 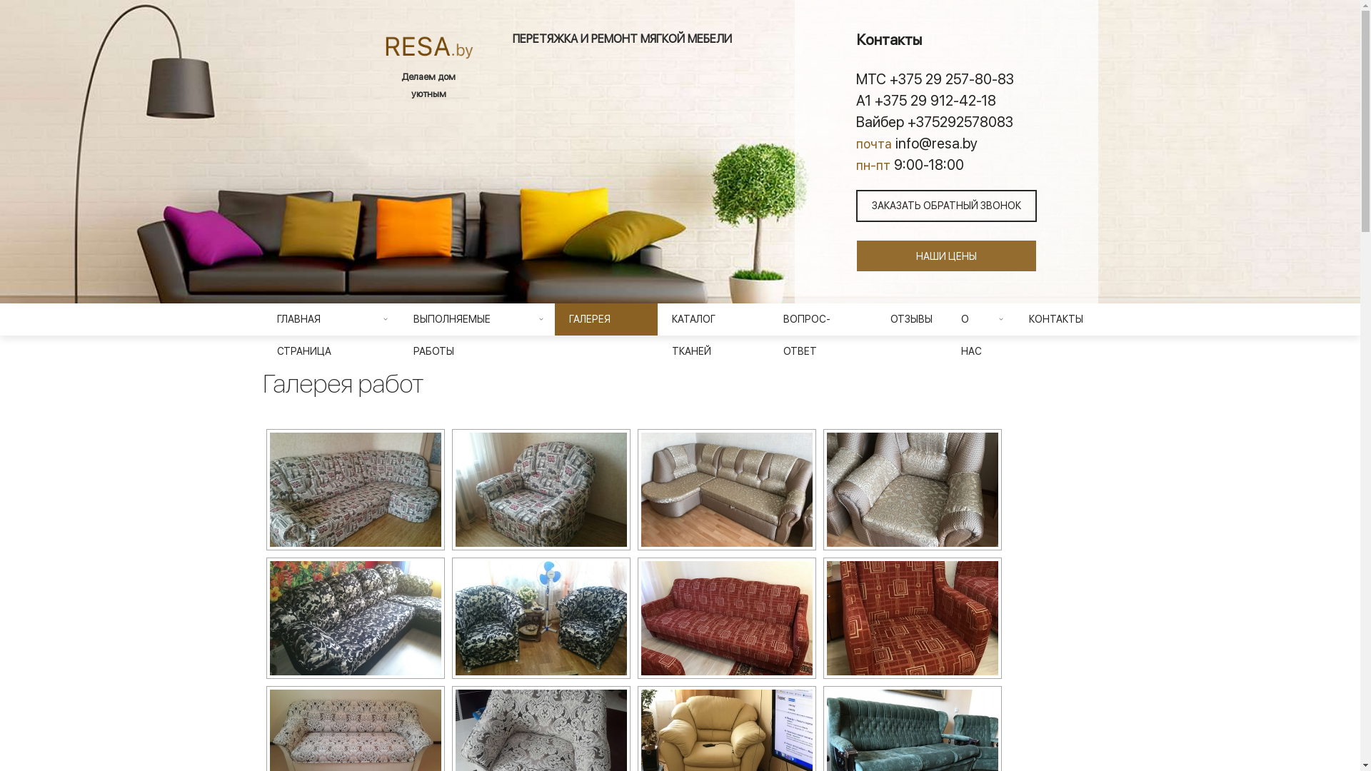 What do you see at coordinates (945, 79) in the screenshot?
I see `'MTC +375 29 257-80-83'` at bounding box center [945, 79].